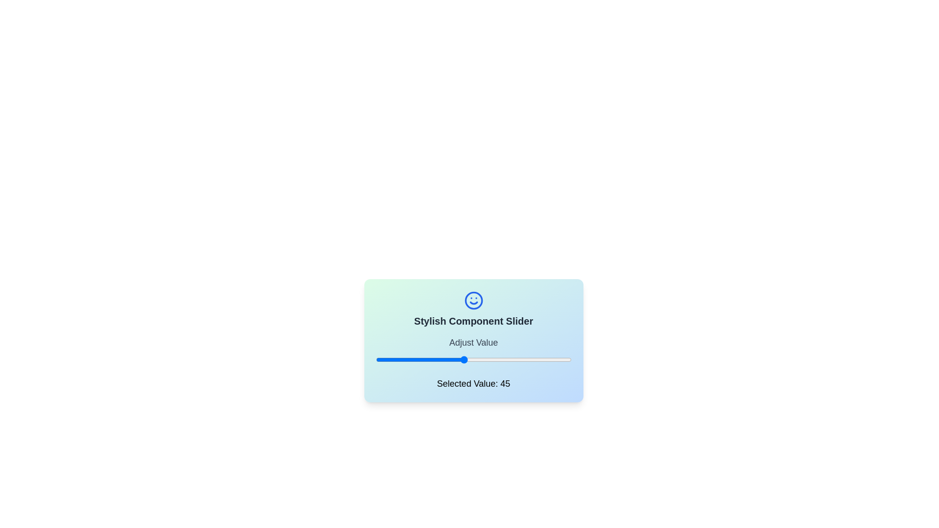 The width and height of the screenshot is (939, 528). What do you see at coordinates (501, 360) in the screenshot?
I see `the slider to set its value to 64` at bounding box center [501, 360].